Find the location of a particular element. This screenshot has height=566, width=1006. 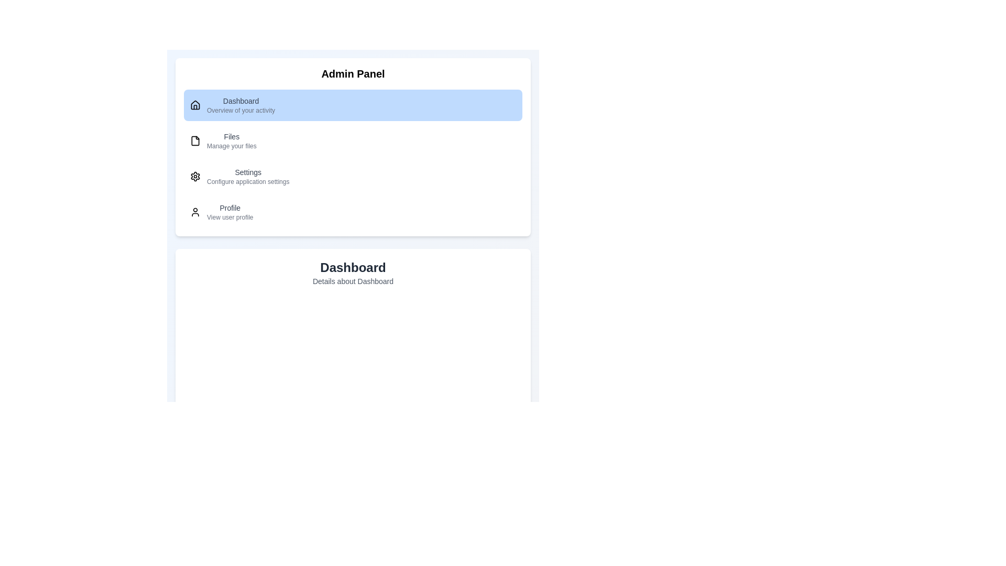

the menu item labeled Profile to highlight it is located at coordinates (353, 212).